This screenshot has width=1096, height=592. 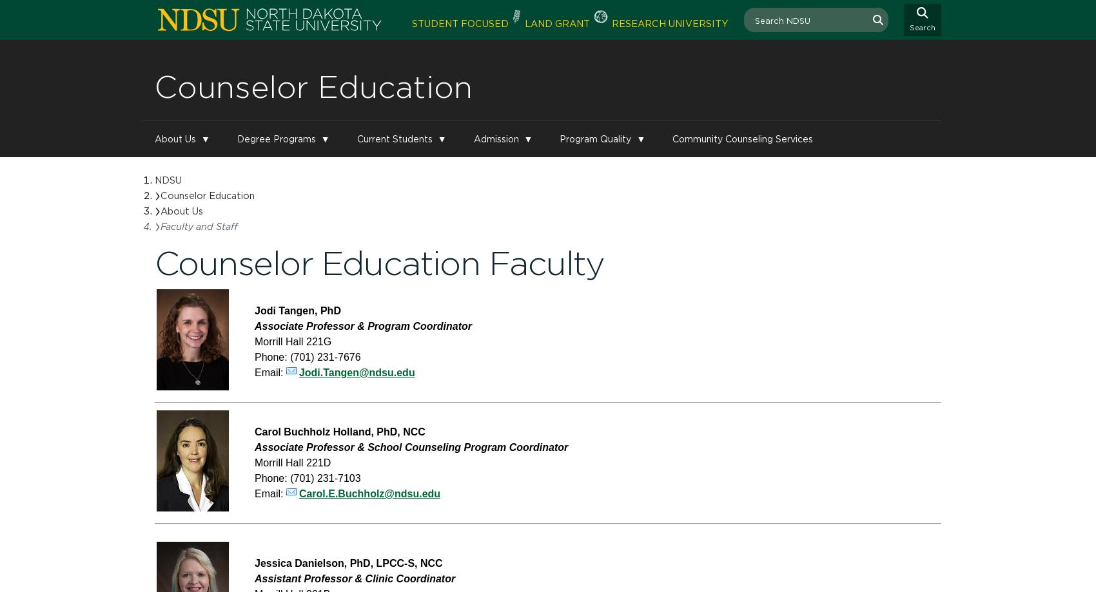 I want to click on 'Morrill Hall 221D', so click(x=293, y=462).